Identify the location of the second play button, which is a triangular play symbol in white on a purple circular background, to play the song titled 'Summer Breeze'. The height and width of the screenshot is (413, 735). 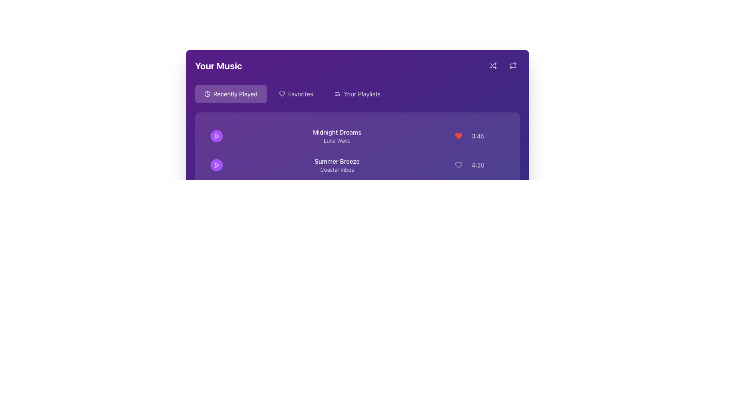
(216, 165).